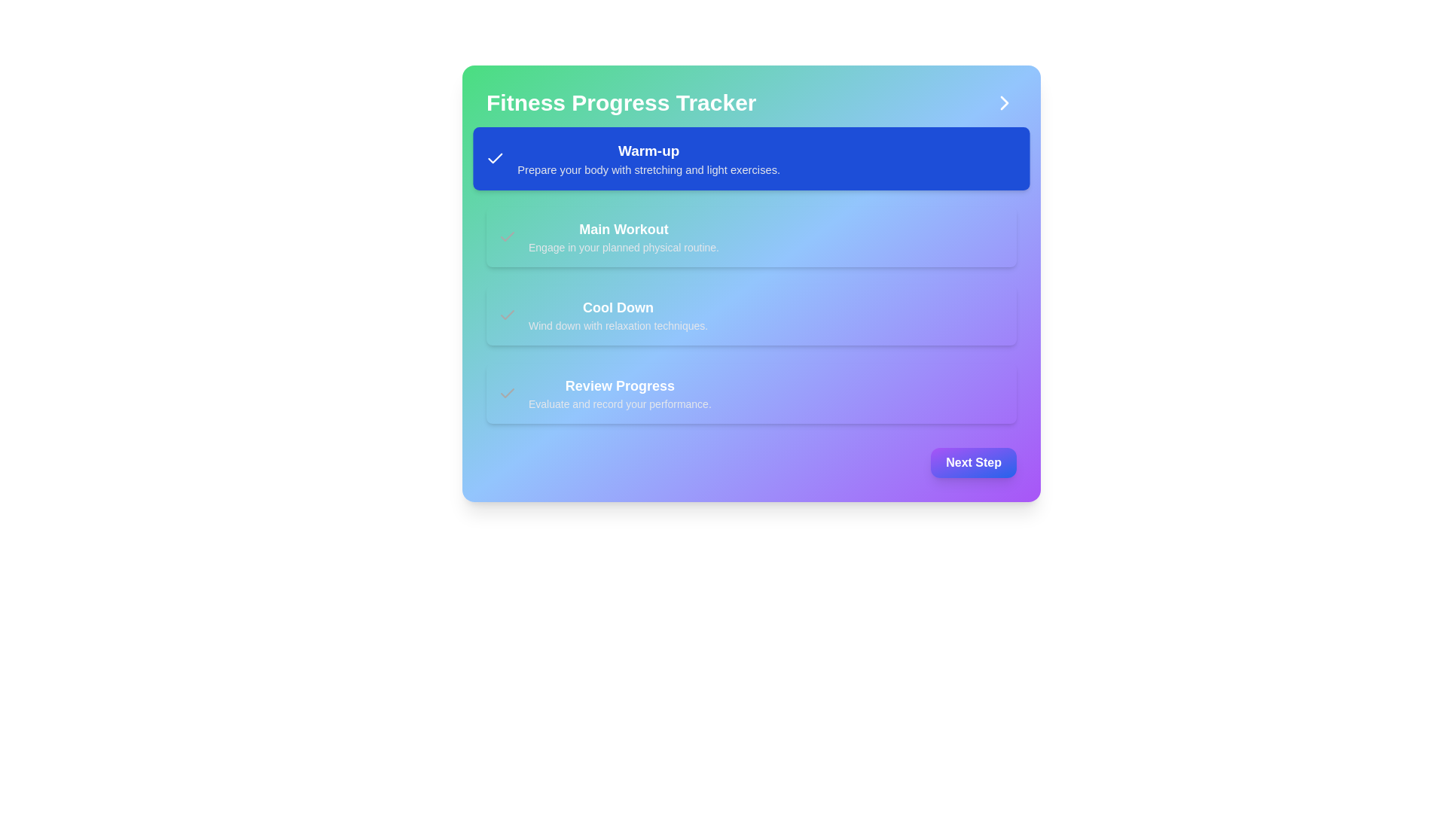 The image size is (1446, 813). I want to click on the 'Cool Down' text label, which features bold text and a gradient background, positioned as the third step in a vertical list of steps, so click(618, 315).